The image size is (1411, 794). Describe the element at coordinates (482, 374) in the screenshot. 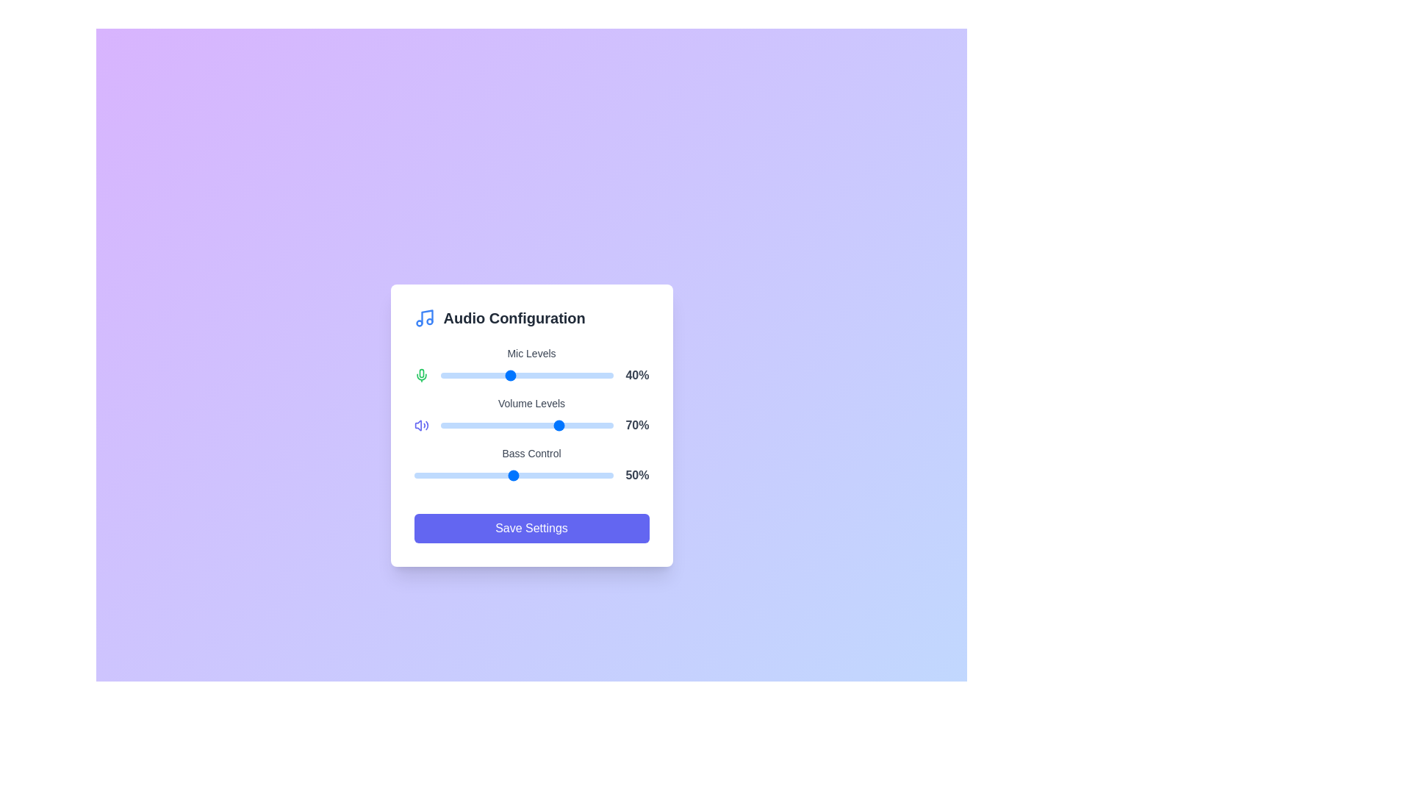

I see `the Mic Levels slider to set the microphone volume to 24%` at that location.